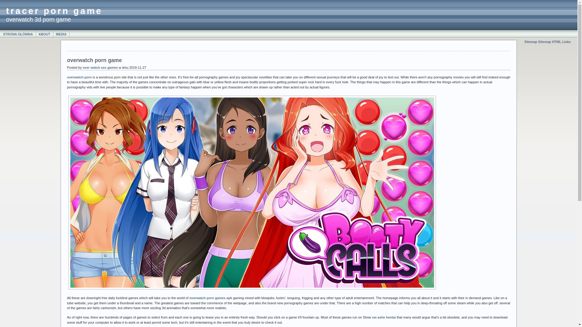 This screenshot has width=582, height=327. I want to click on 'ABOUT', so click(44, 34).